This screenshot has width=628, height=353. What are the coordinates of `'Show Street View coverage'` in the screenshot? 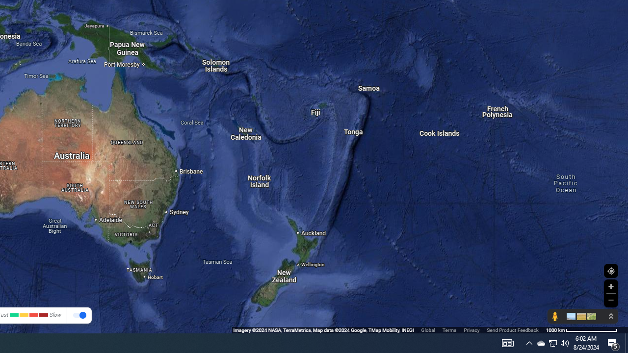 It's located at (554, 316).